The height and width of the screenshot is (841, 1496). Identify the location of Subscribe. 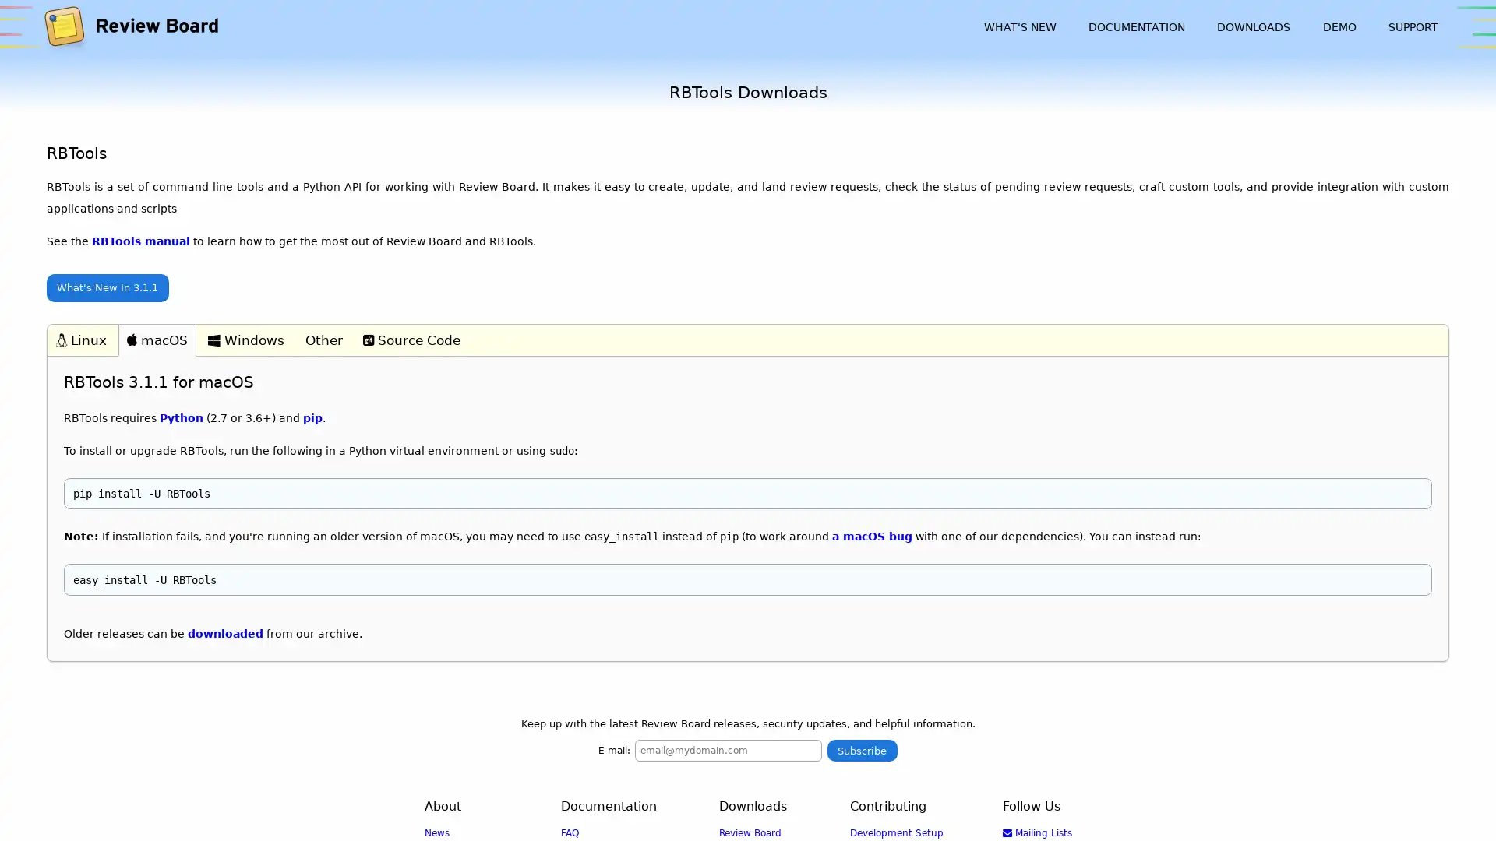
(861, 750).